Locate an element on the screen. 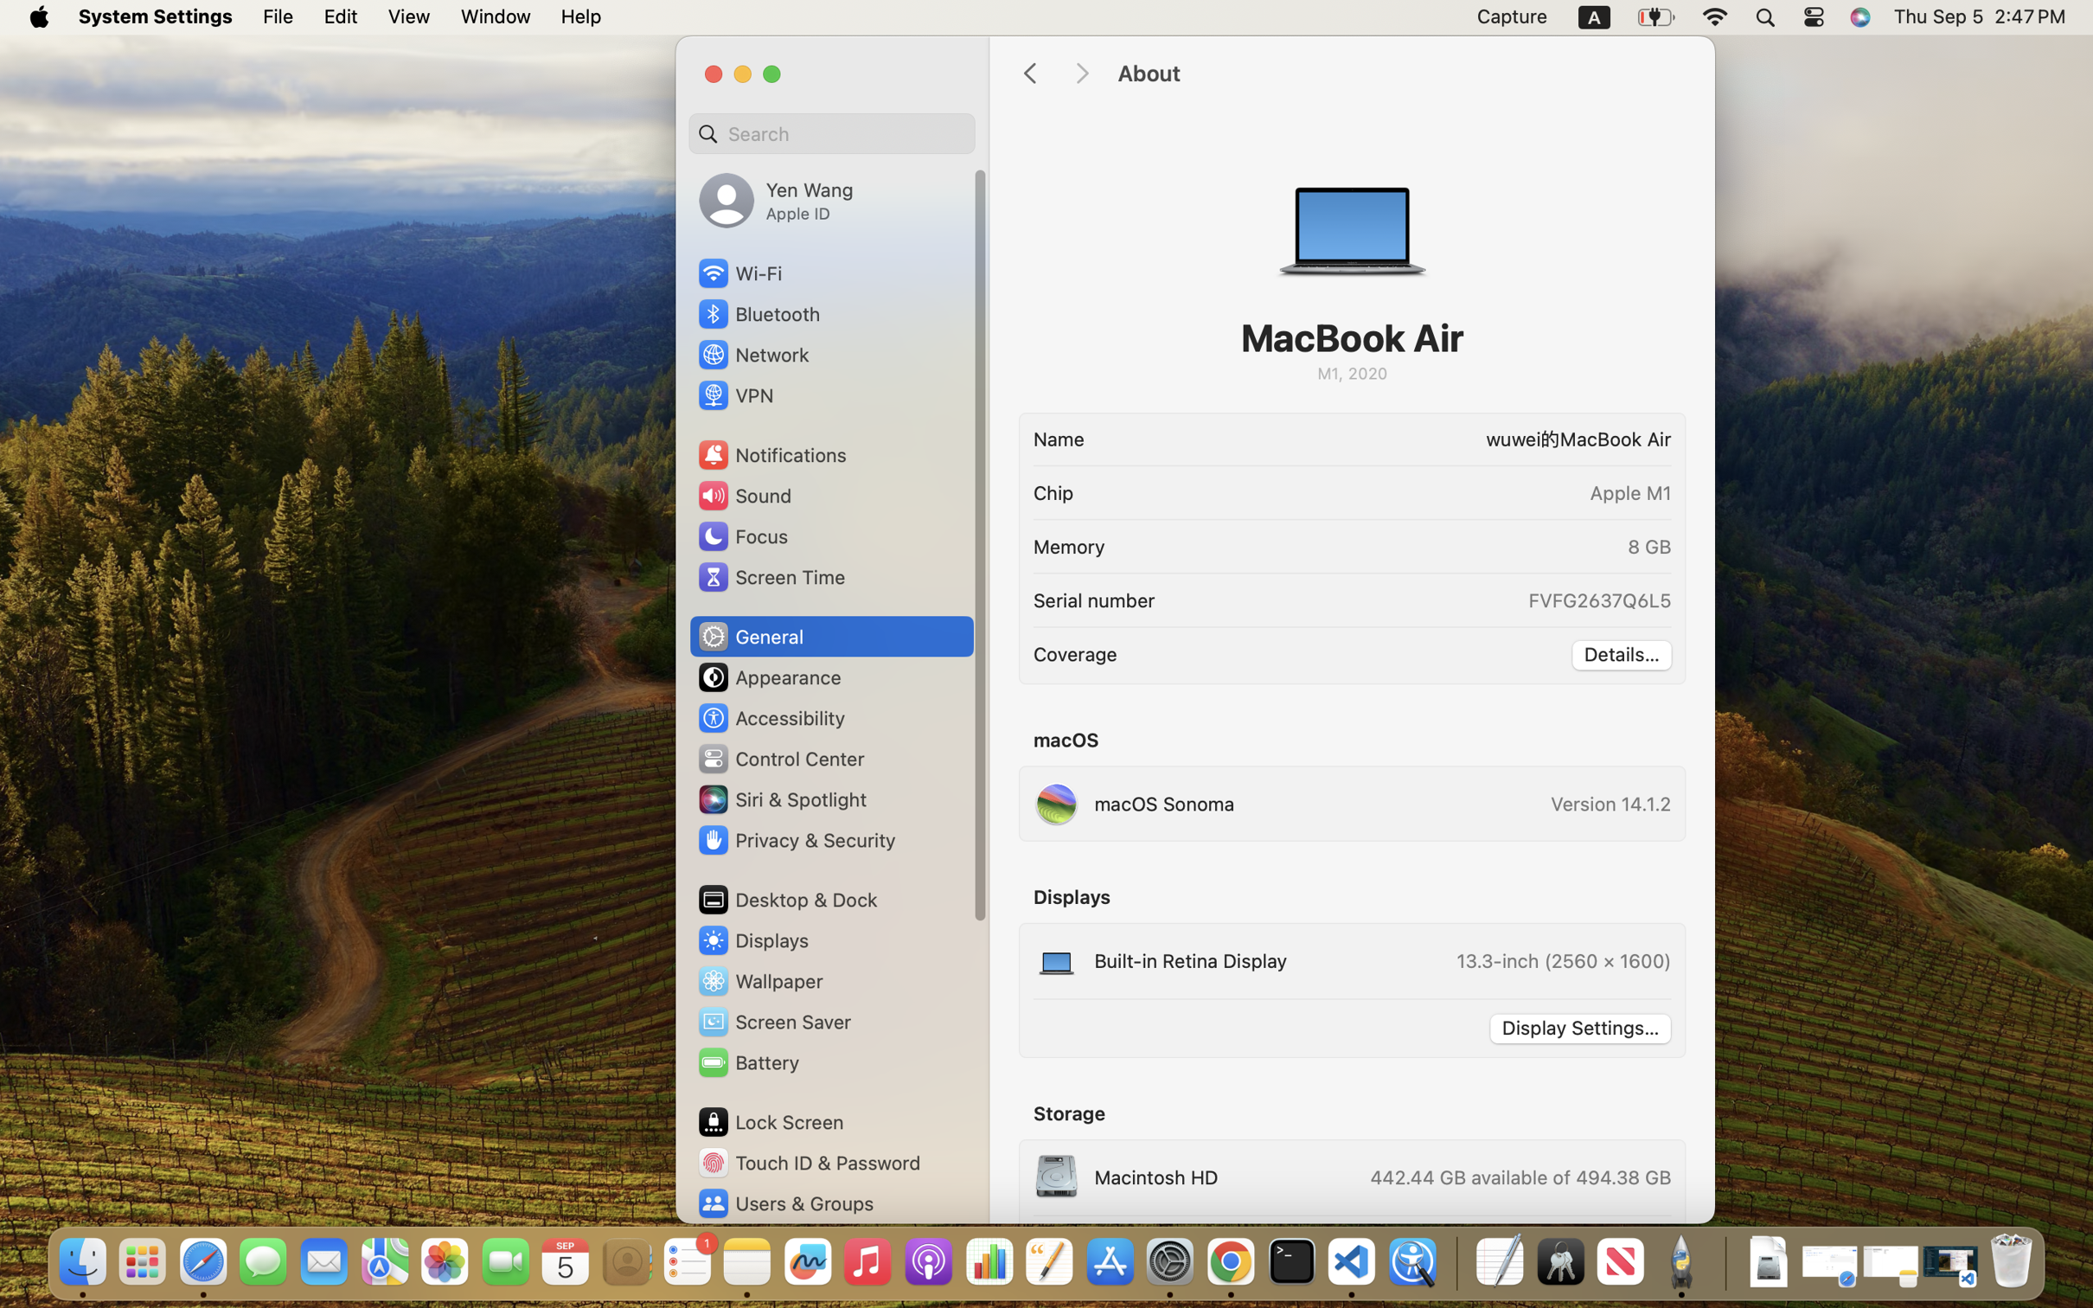 The height and width of the screenshot is (1308, 2093). 'Name' is located at coordinates (1058, 439).